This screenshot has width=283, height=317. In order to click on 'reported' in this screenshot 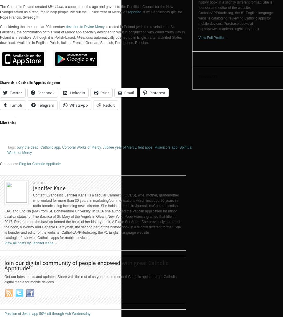, I will do `click(134, 12)`.